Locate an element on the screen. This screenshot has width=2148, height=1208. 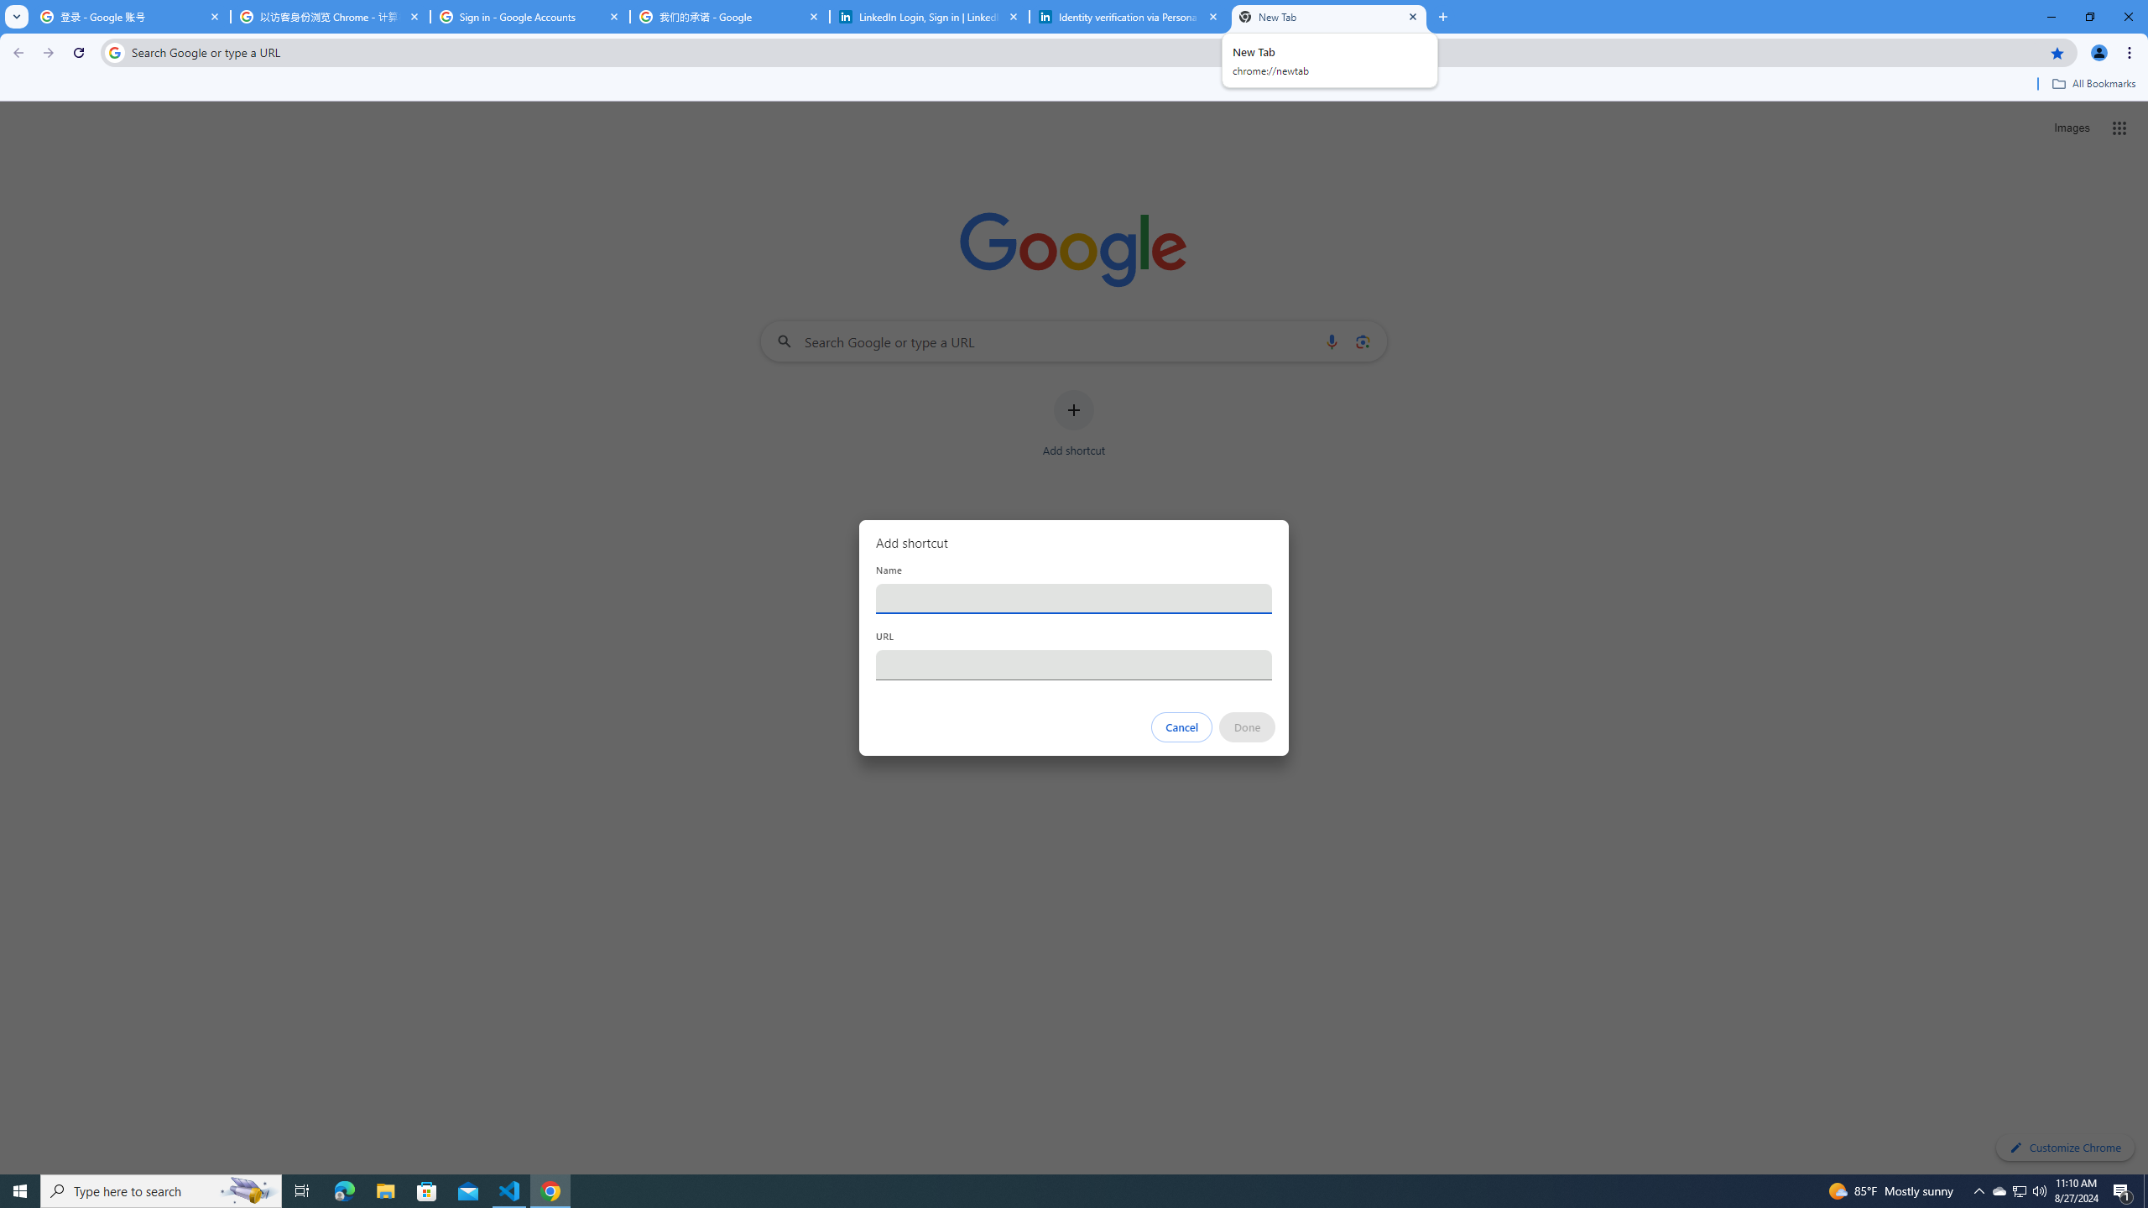
'New Tab' is located at coordinates (1328, 16).